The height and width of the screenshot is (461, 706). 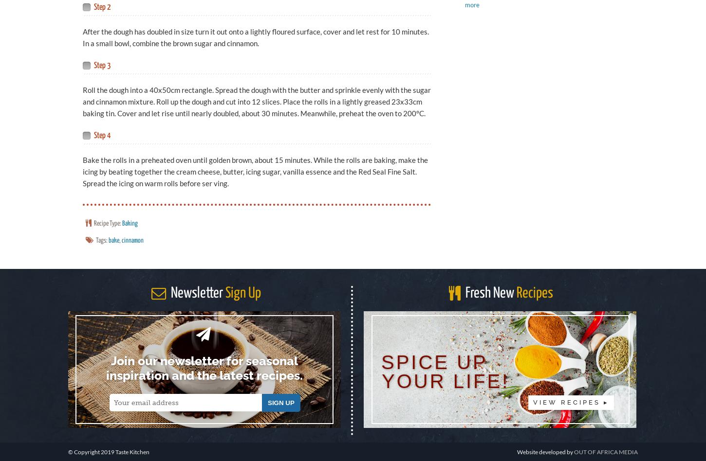 I want to click on 'cinnamon', so click(x=132, y=241).